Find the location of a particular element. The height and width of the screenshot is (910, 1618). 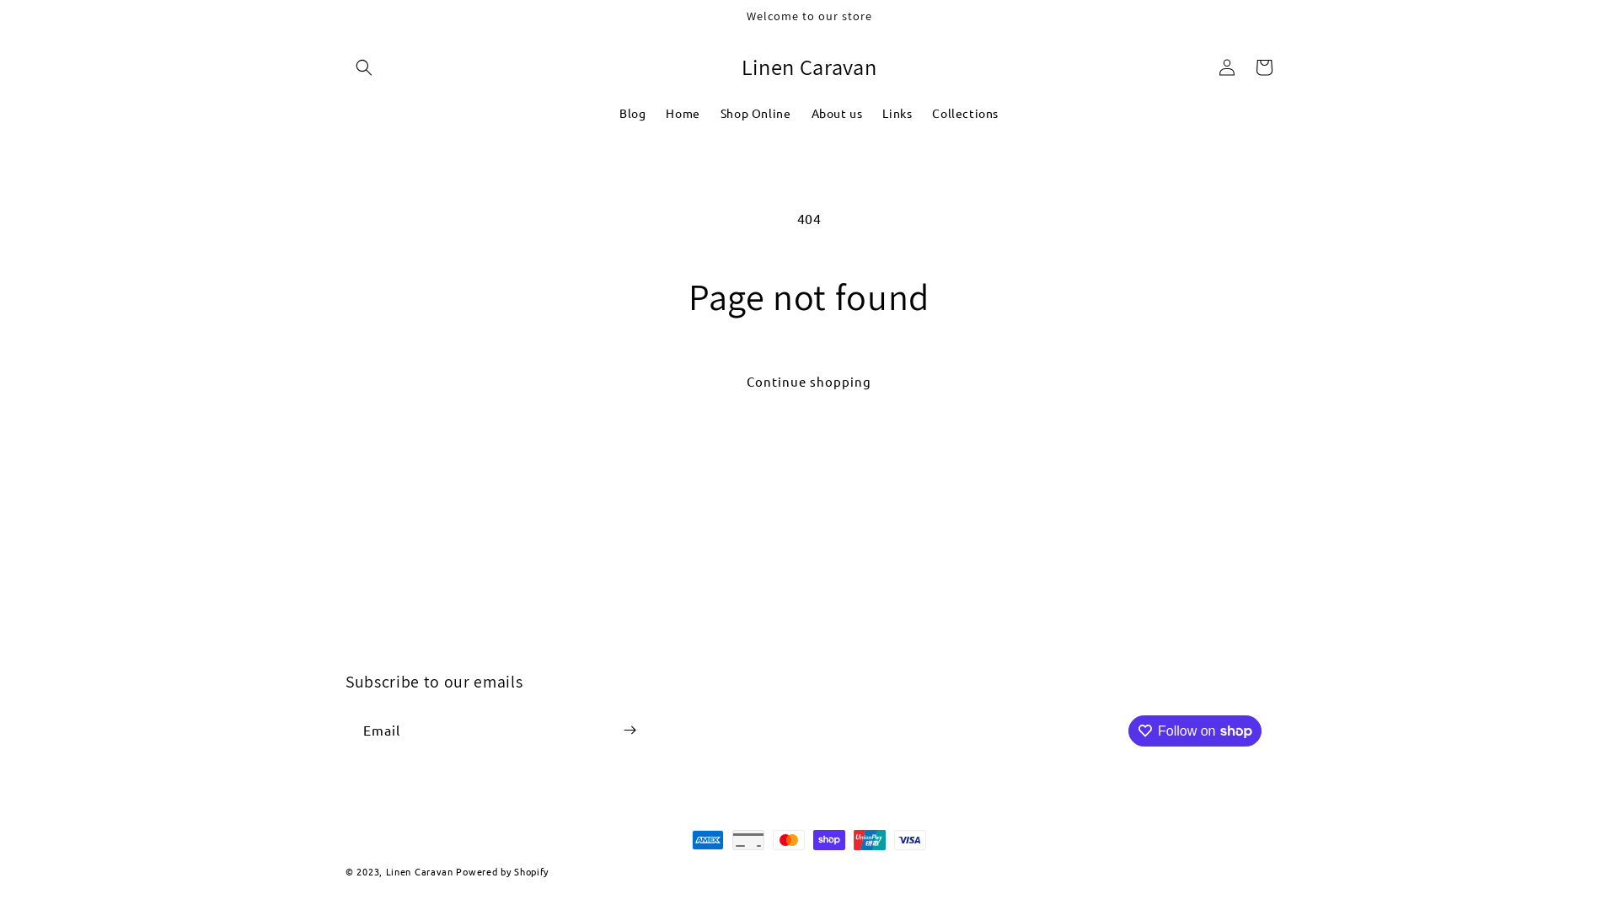

'Continue shopping' is located at coordinates (809, 382).